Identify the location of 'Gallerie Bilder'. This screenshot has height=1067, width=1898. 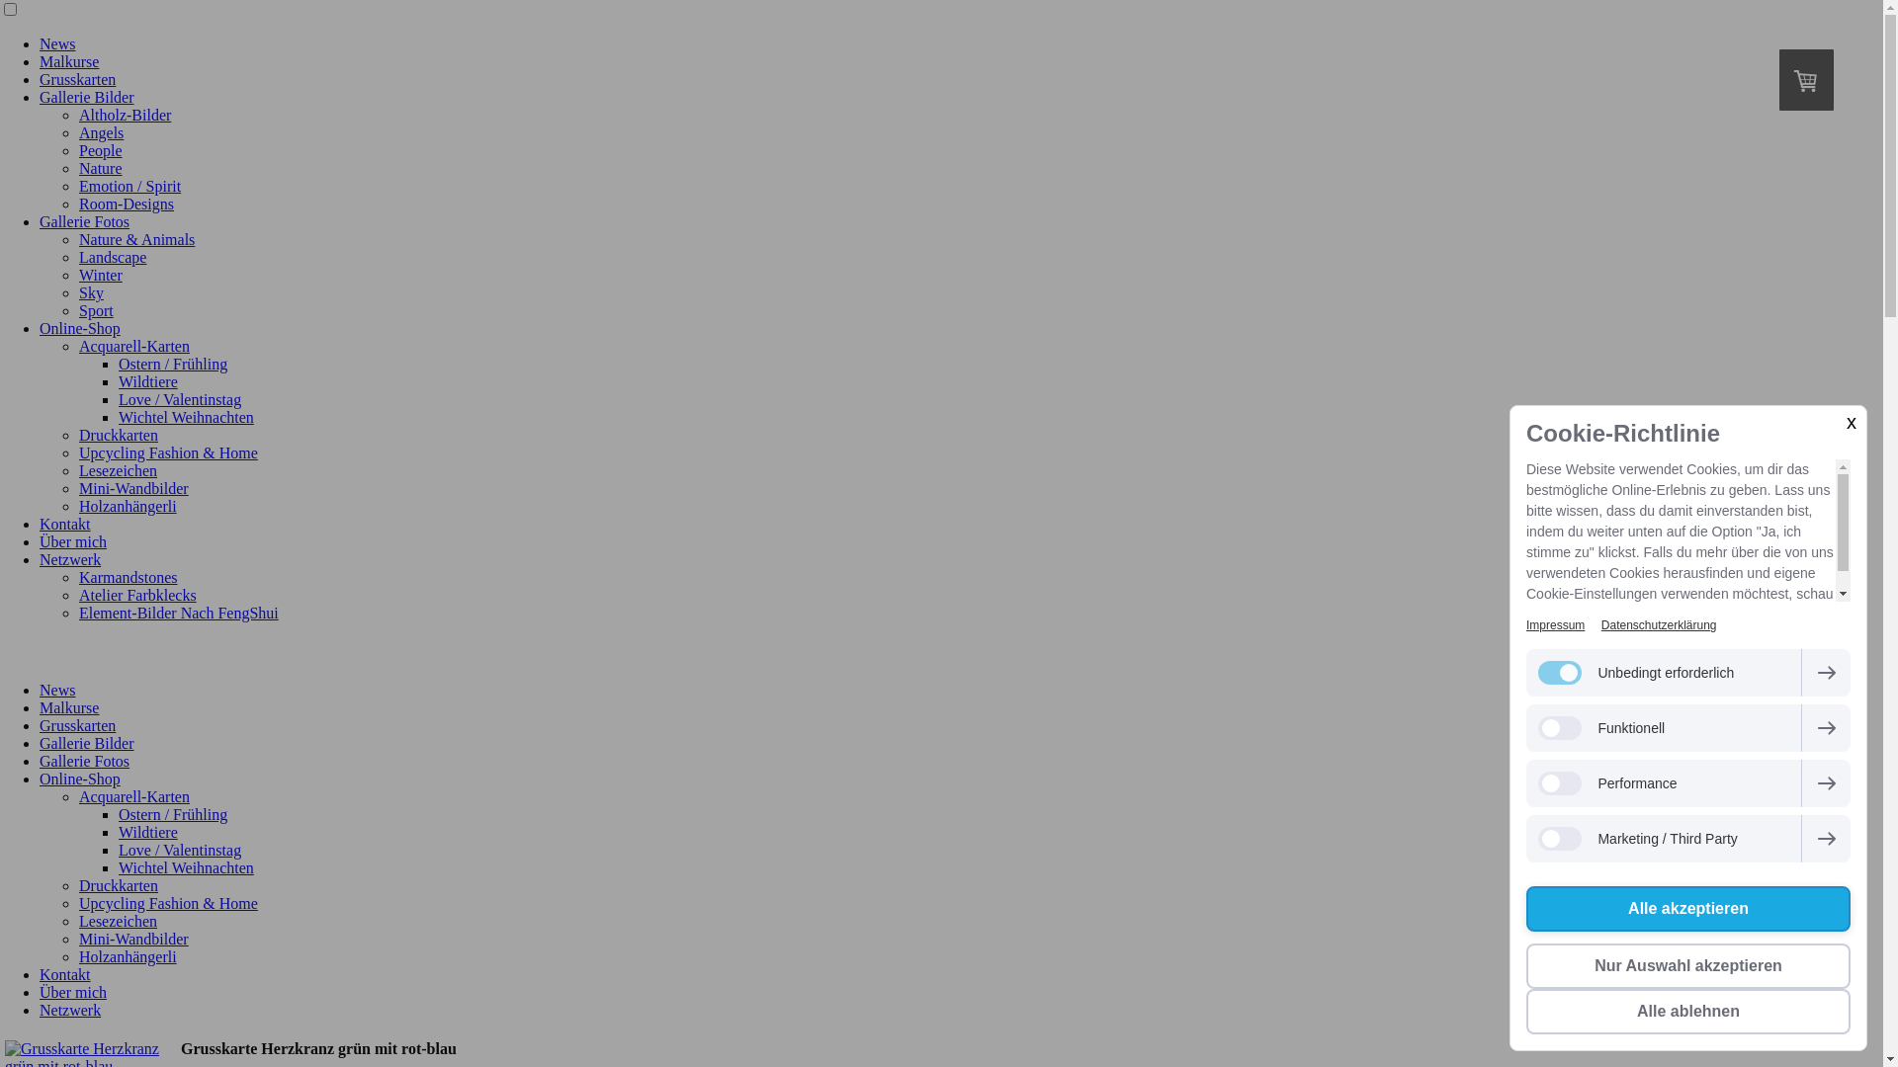
(85, 97).